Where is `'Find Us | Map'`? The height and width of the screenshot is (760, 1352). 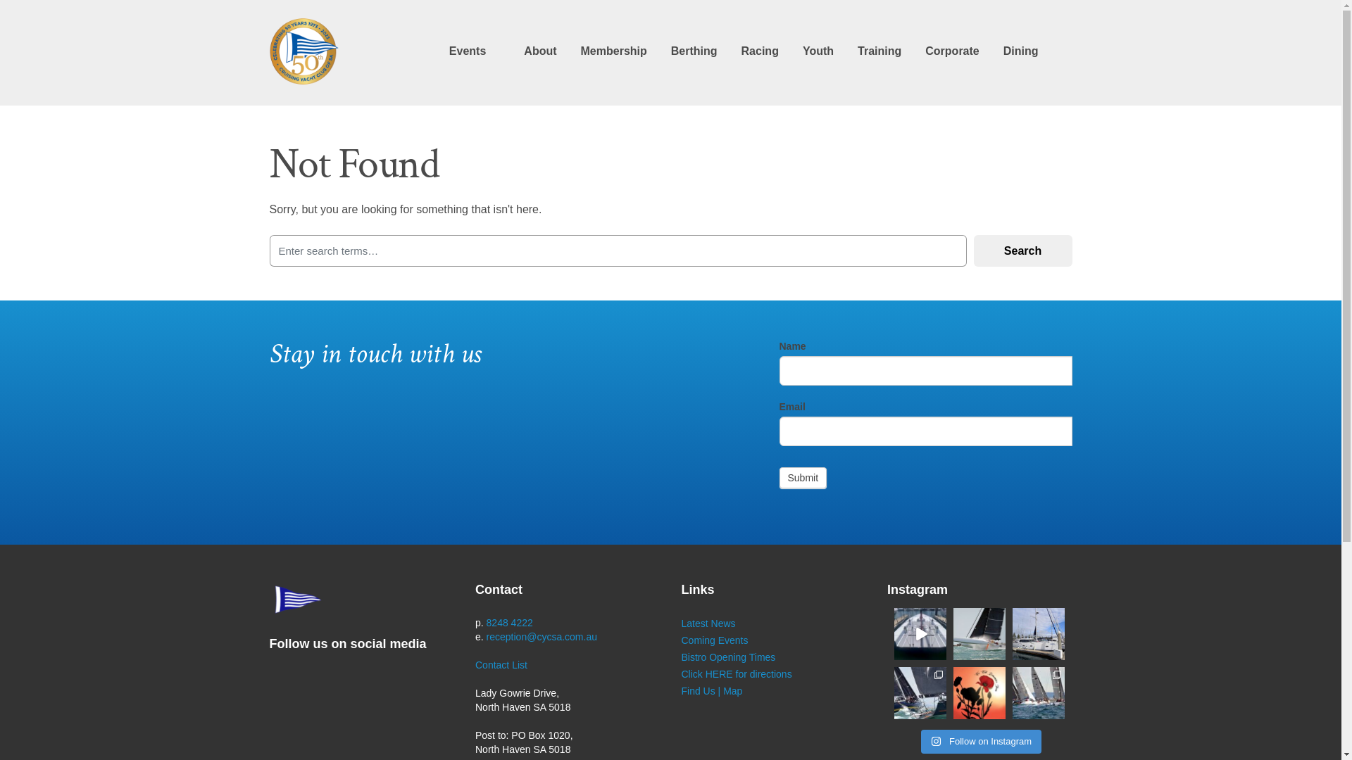 'Find Us | Map' is located at coordinates (712, 690).